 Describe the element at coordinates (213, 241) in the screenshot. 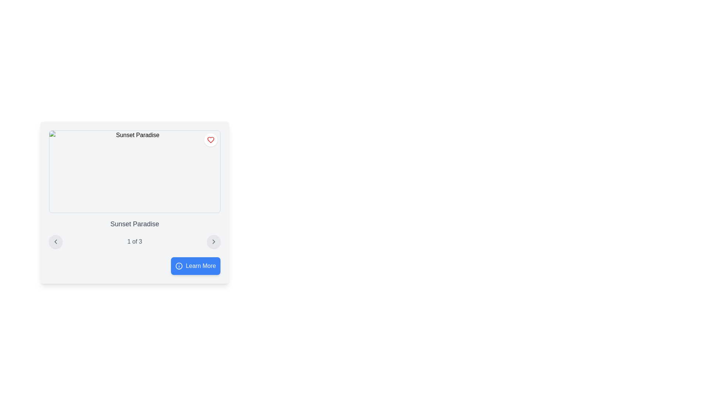

I see `the chevron icon pointing to the right located in the bottom-right corner of the central panel` at that location.